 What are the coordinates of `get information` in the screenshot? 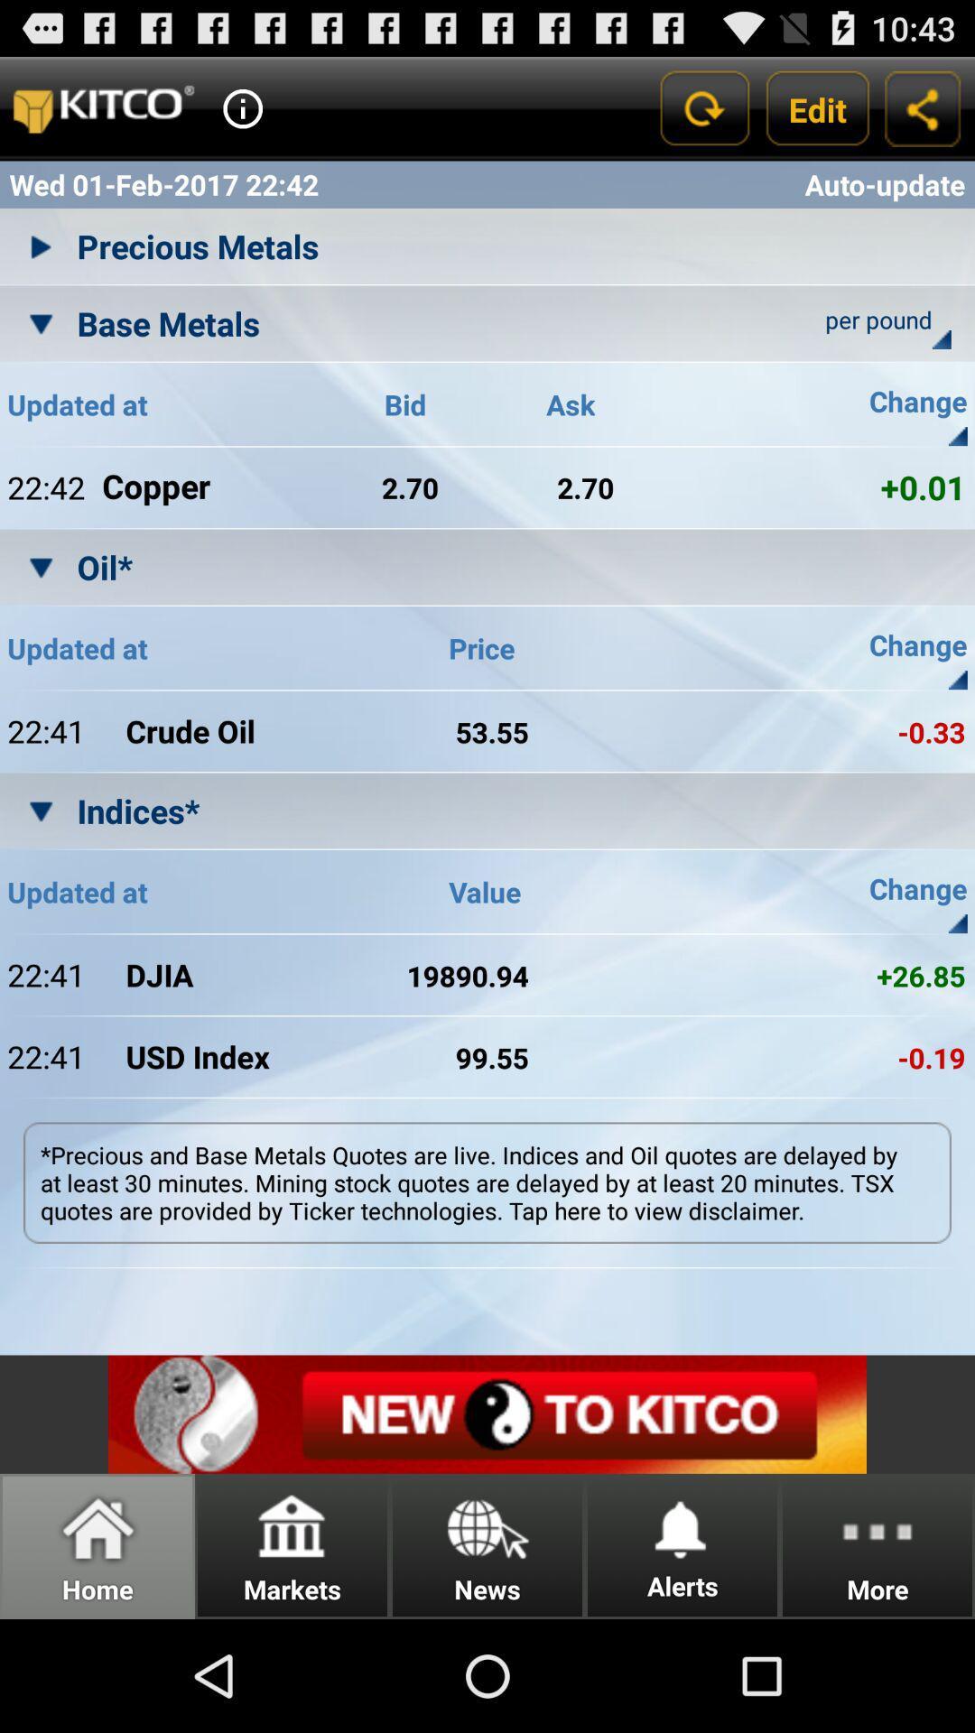 It's located at (242, 107).